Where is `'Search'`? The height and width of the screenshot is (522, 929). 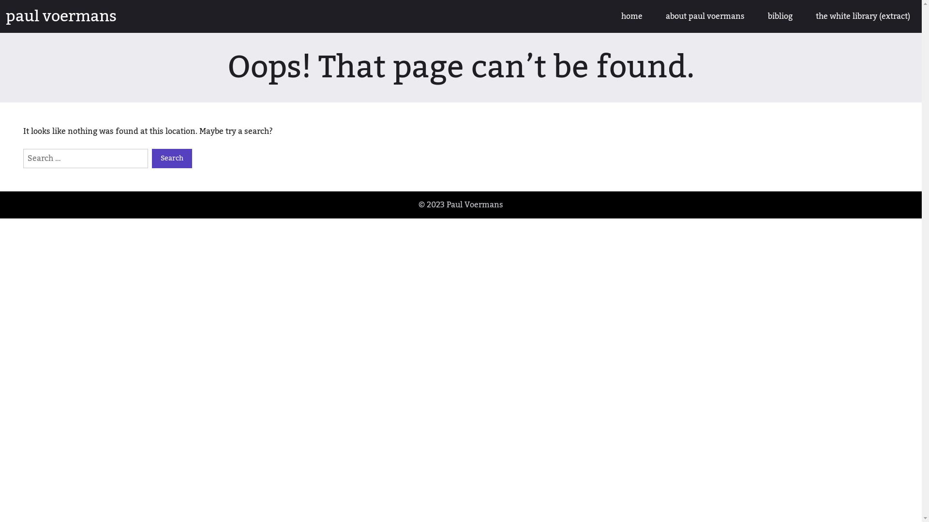 'Search' is located at coordinates (172, 158).